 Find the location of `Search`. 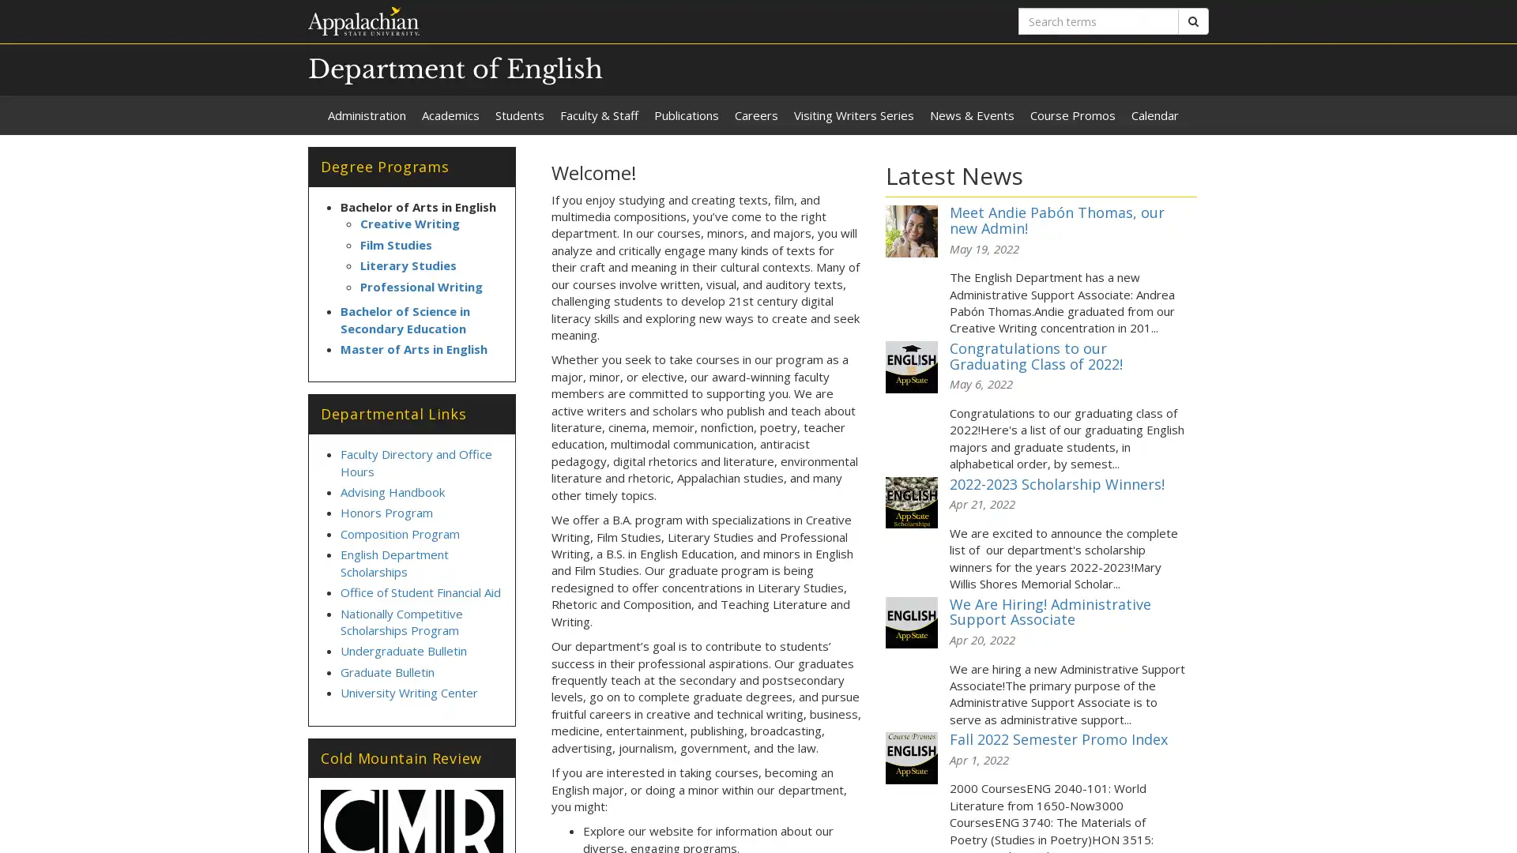

Search is located at coordinates (1193, 21).